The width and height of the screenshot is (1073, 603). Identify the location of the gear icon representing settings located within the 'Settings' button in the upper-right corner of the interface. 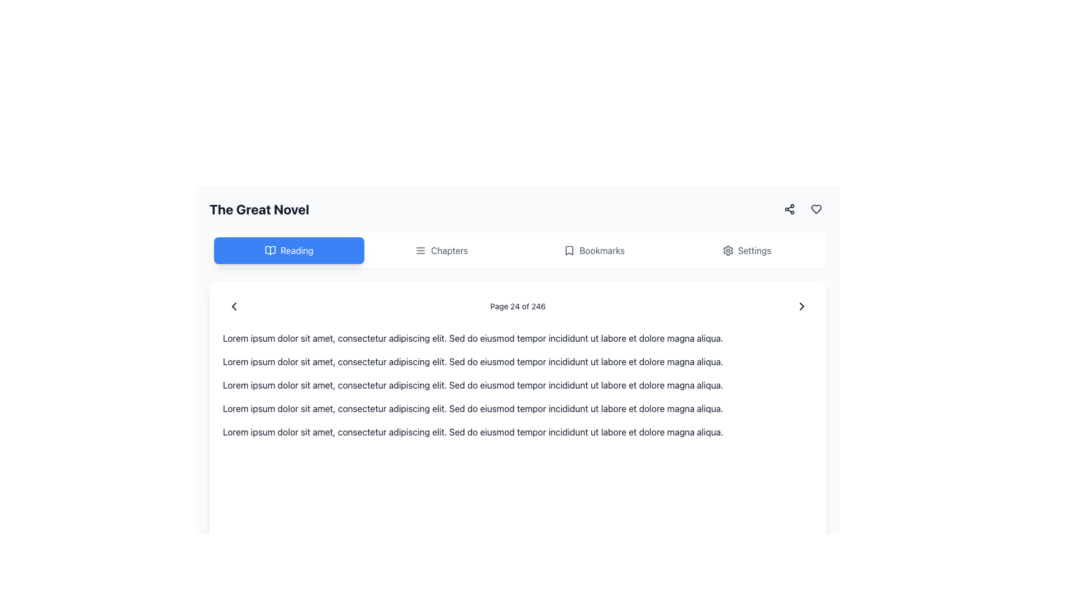
(728, 250).